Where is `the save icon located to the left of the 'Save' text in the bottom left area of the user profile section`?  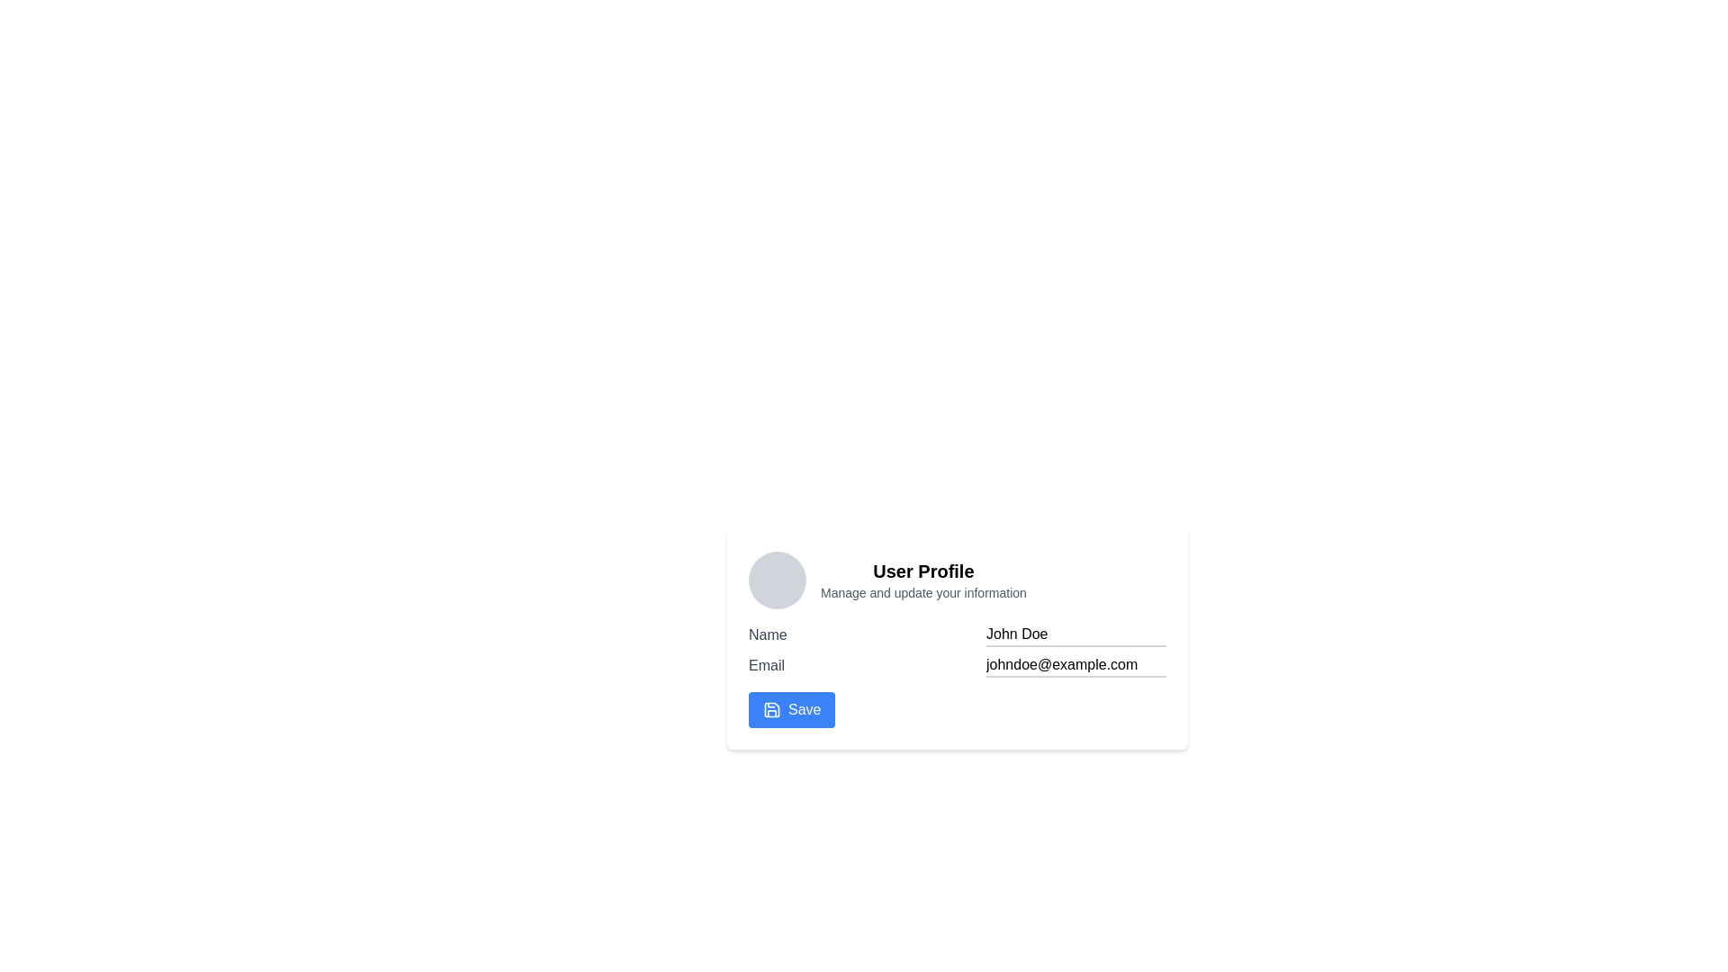
the save icon located to the left of the 'Save' text in the bottom left area of the user profile section is located at coordinates (772, 709).